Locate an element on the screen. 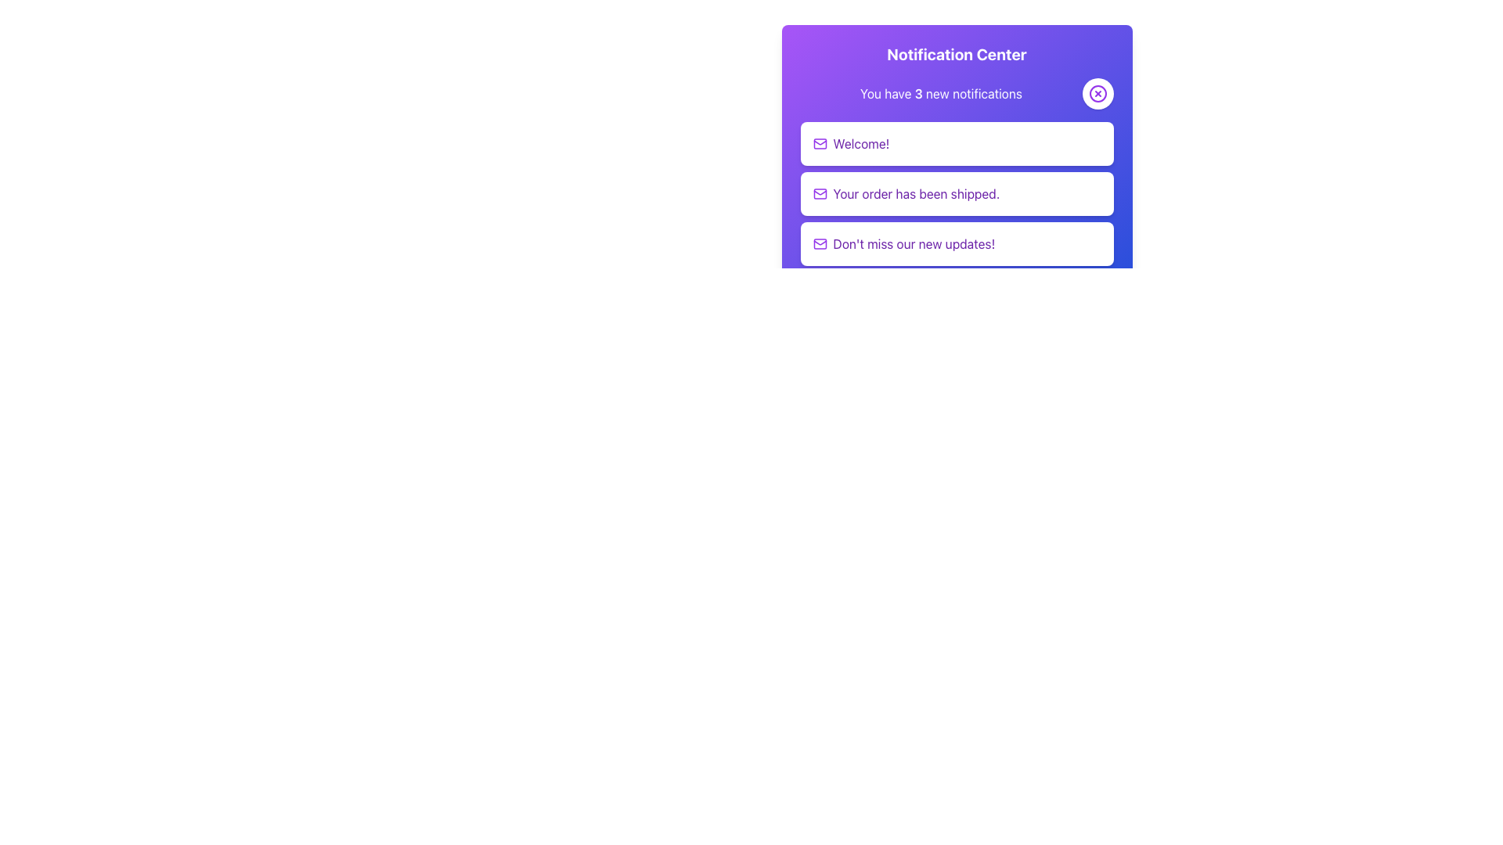 The height and width of the screenshot is (845, 1503). the first notification item displaying the message 'Welcome!' in the notification list, which is nested within a purple gradient background is located at coordinates (956, 144).